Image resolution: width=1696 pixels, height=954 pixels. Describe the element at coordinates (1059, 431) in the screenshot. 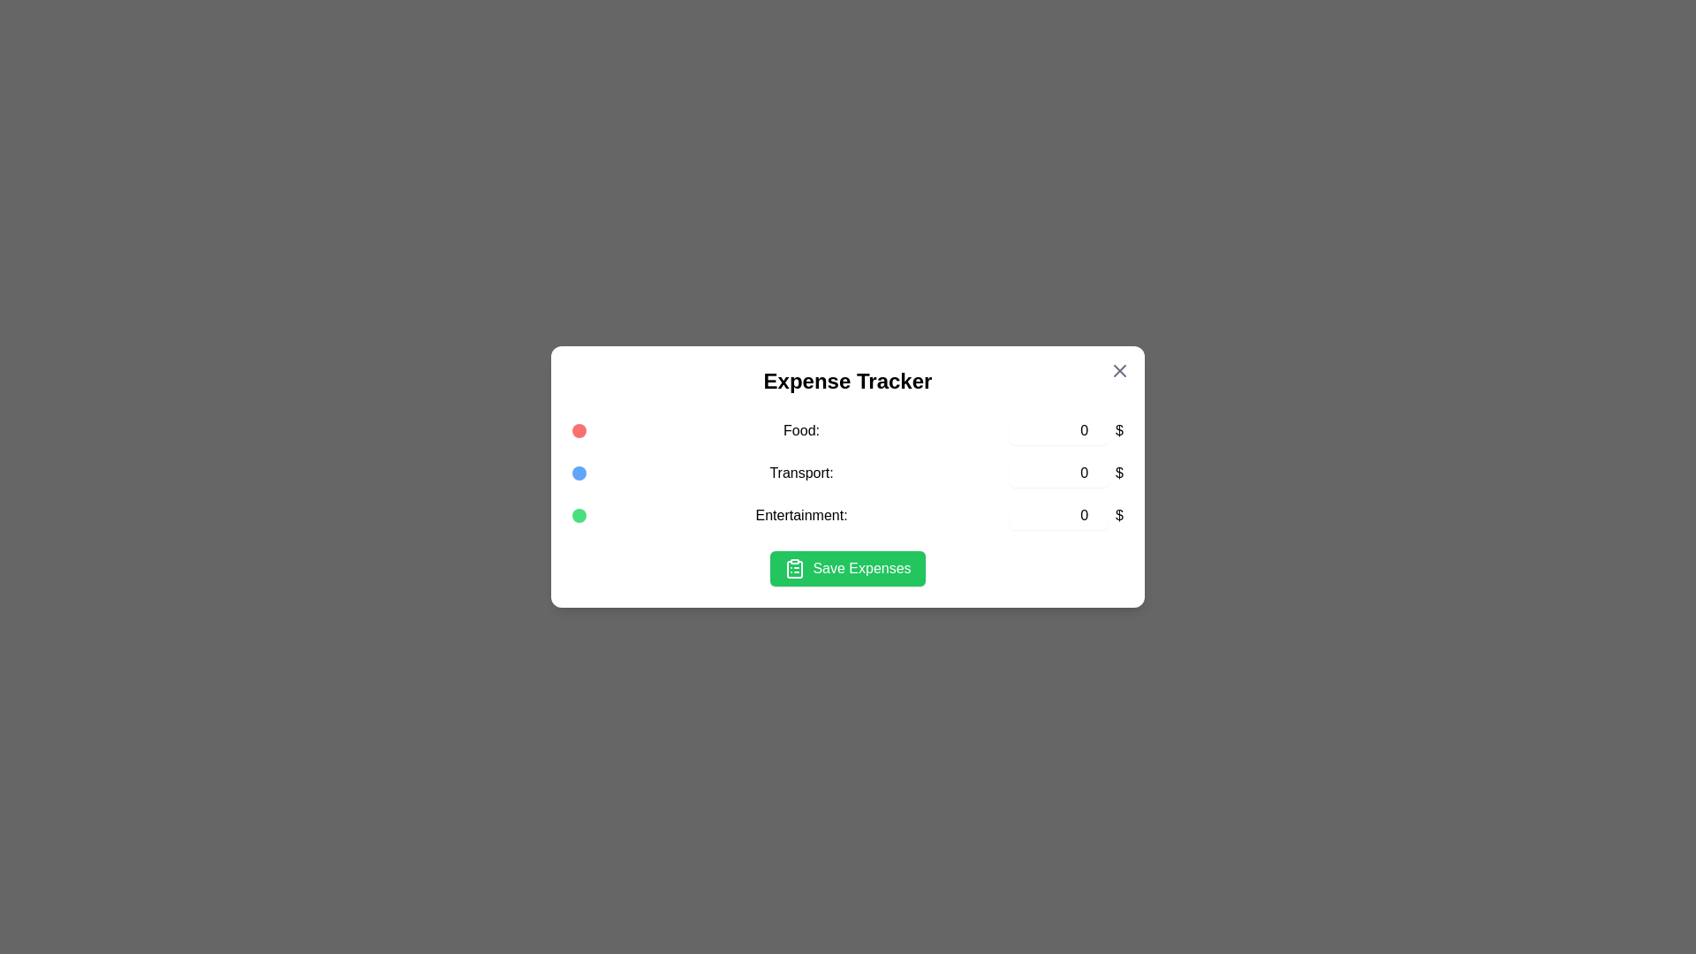

I see `the expense amount for the 'Food' category to 5659` at that location.